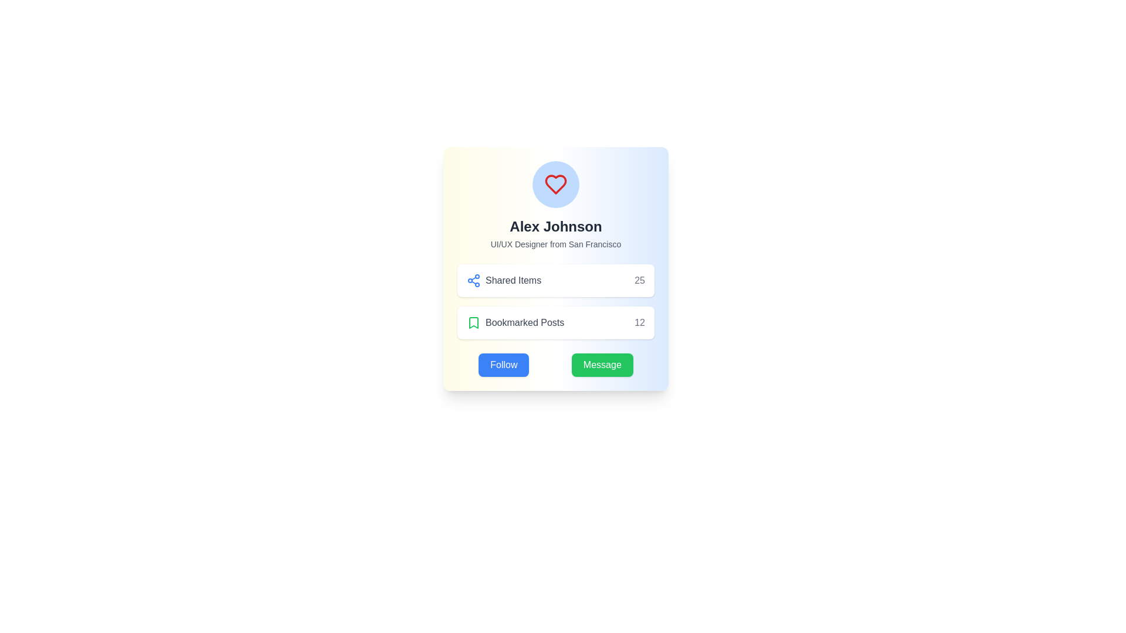 The image size is (1126, 633). What do you see at coordinates (515, 323) in the screenshot?
I see `the informational label with an icon indicating 'Bookmarked Posts' to interpret the displayed information` at bounding box center [515, 323].